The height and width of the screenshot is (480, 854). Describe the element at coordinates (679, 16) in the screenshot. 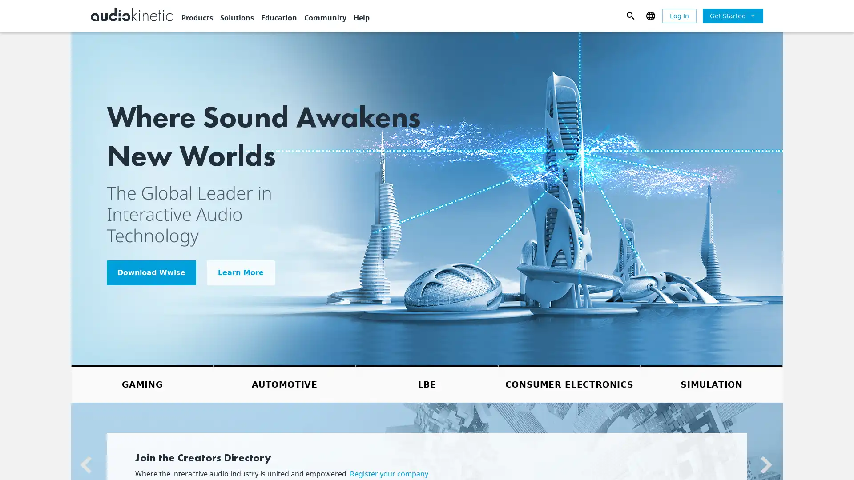

I see `Log In` at that location.